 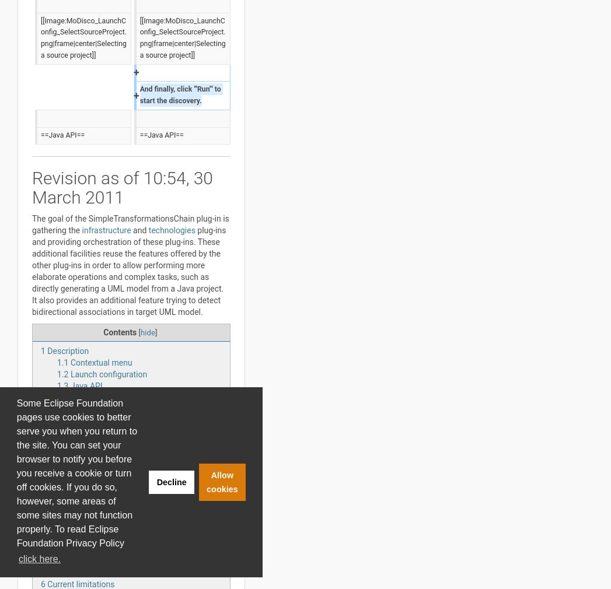 I want to click on 'Team', so click(x=57, y=408).